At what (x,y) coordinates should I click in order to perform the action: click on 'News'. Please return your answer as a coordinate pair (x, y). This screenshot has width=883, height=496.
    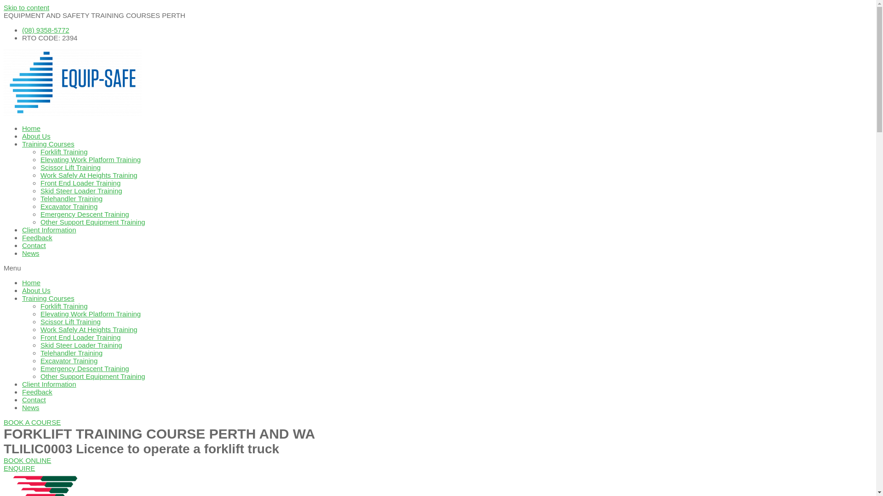
    Looking at the image, I should click on (31, 407).